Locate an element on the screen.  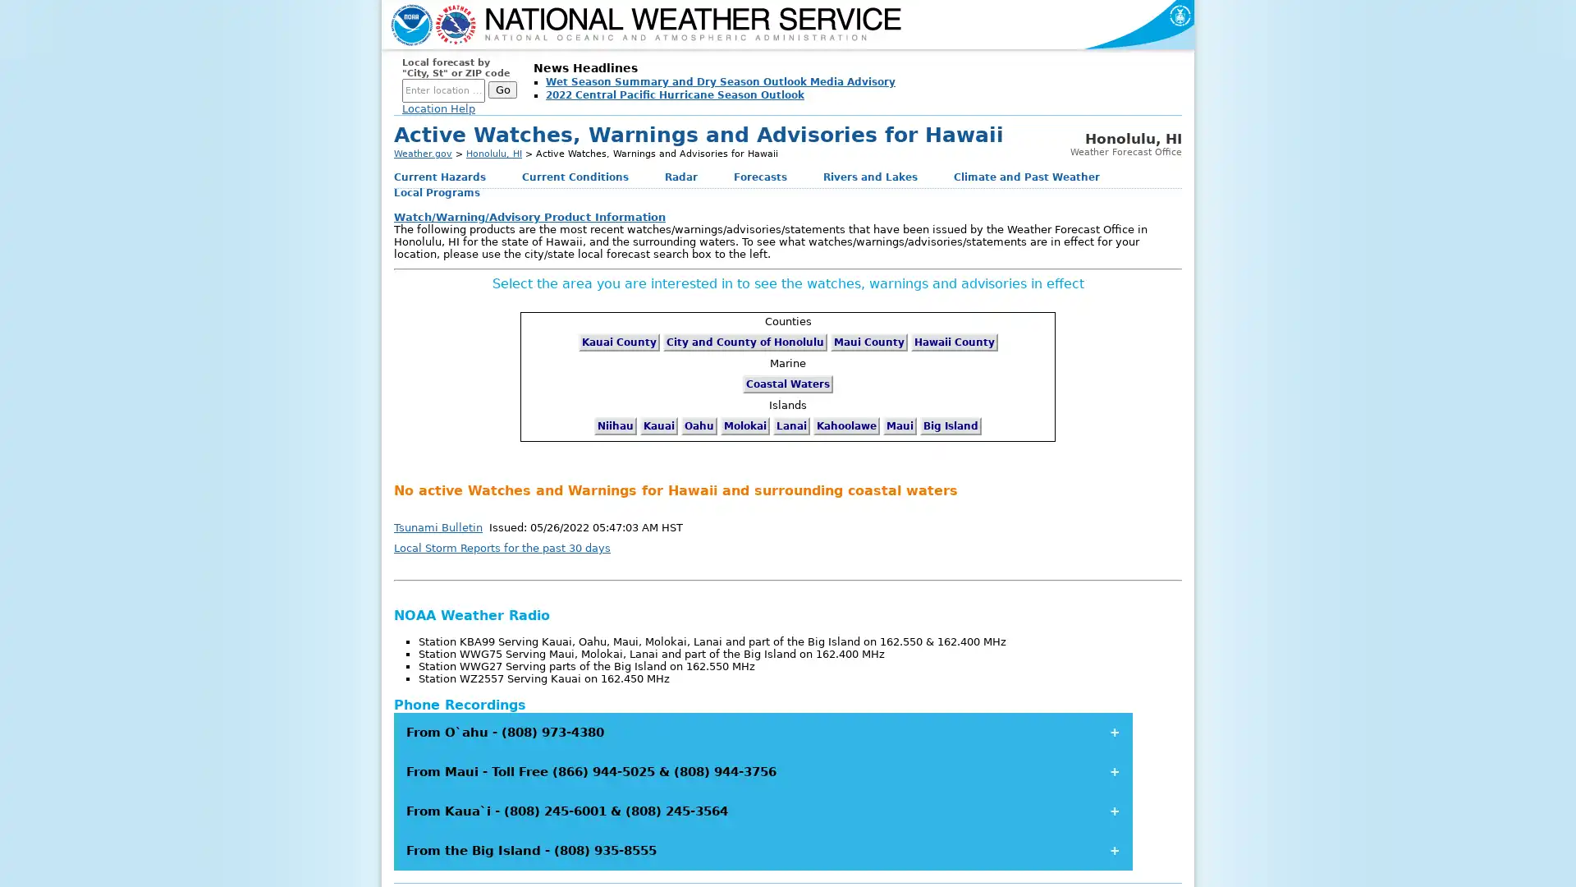
From Kaua`i - (808) 245-6001 & (808) 245-3564 + is located at coordinates (763, 810).